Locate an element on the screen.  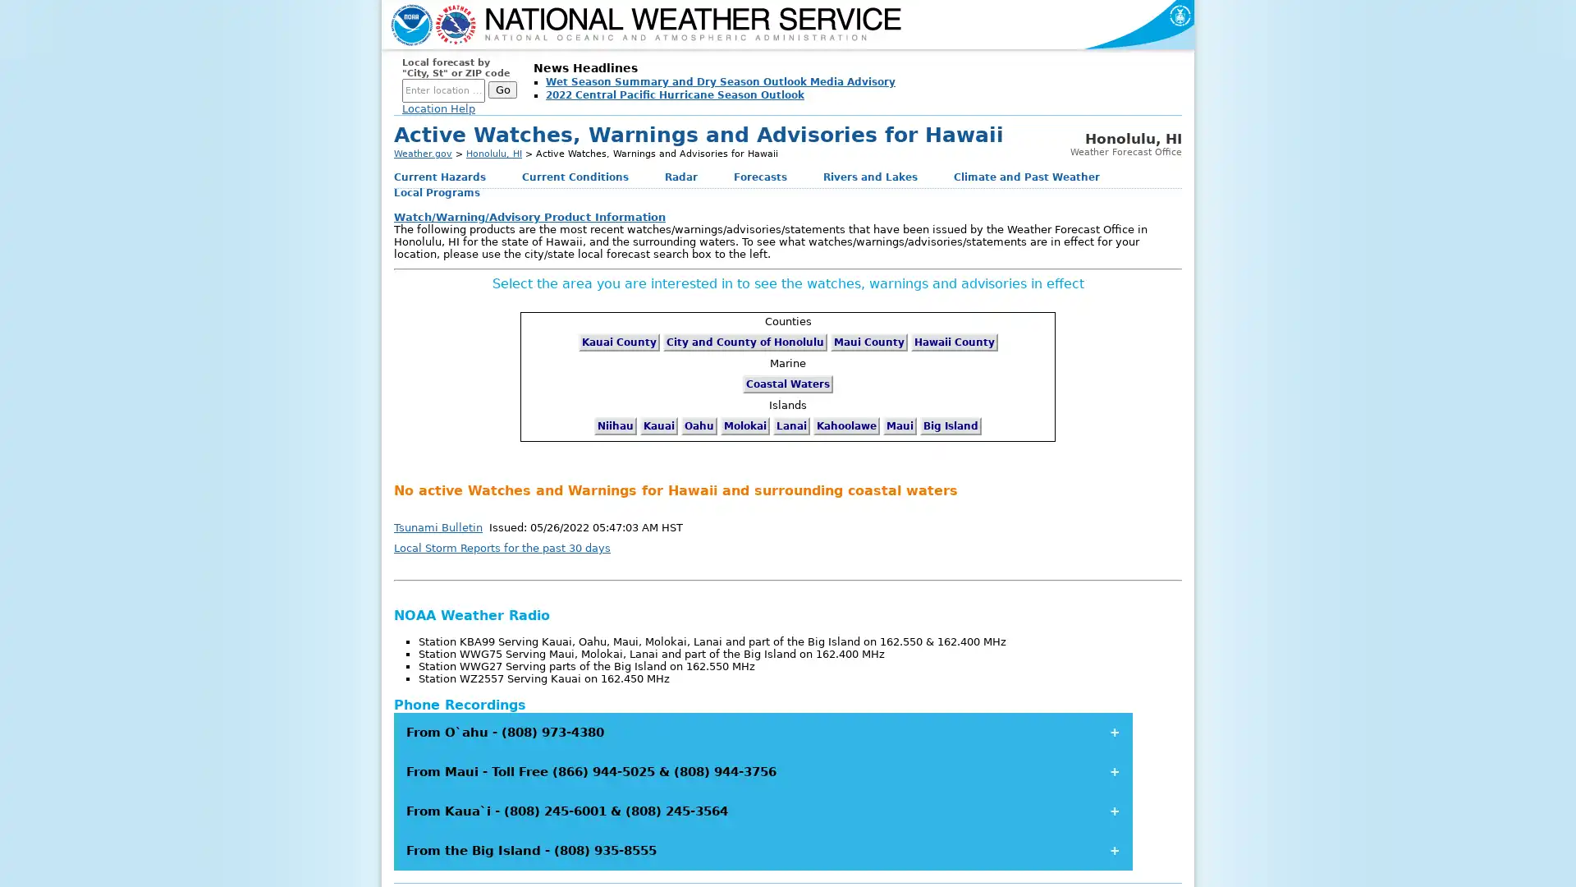
From Kaua`i - (808) 245-6001 & (808) 245-3564 + is located at coordinates (763, 810).